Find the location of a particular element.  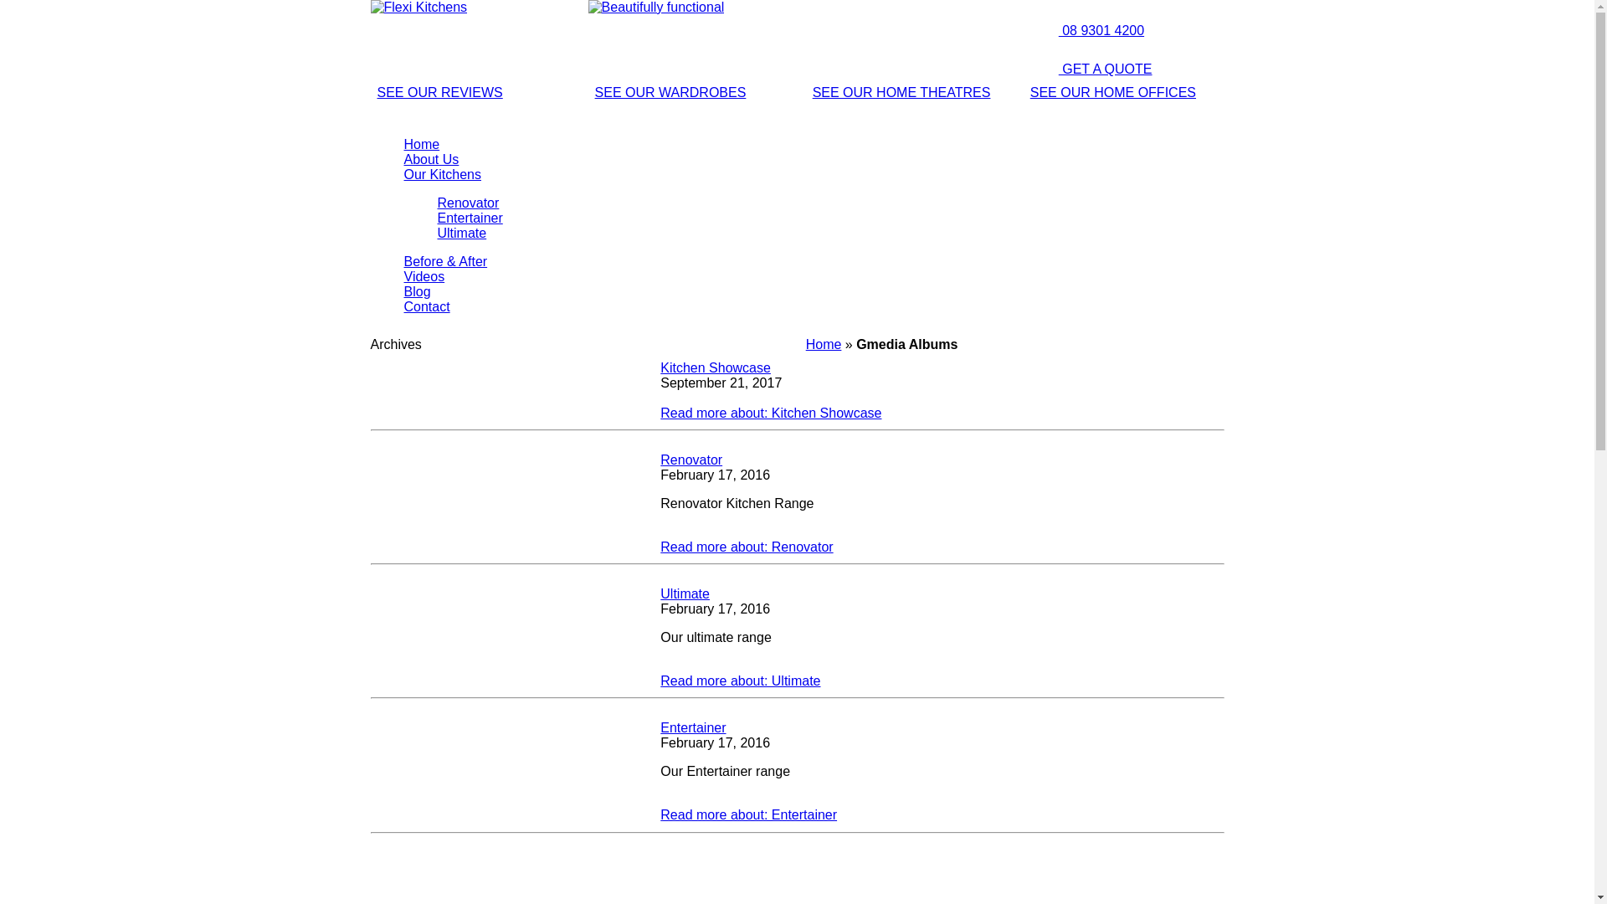

'About Us' is located at coordinates (430, 159).